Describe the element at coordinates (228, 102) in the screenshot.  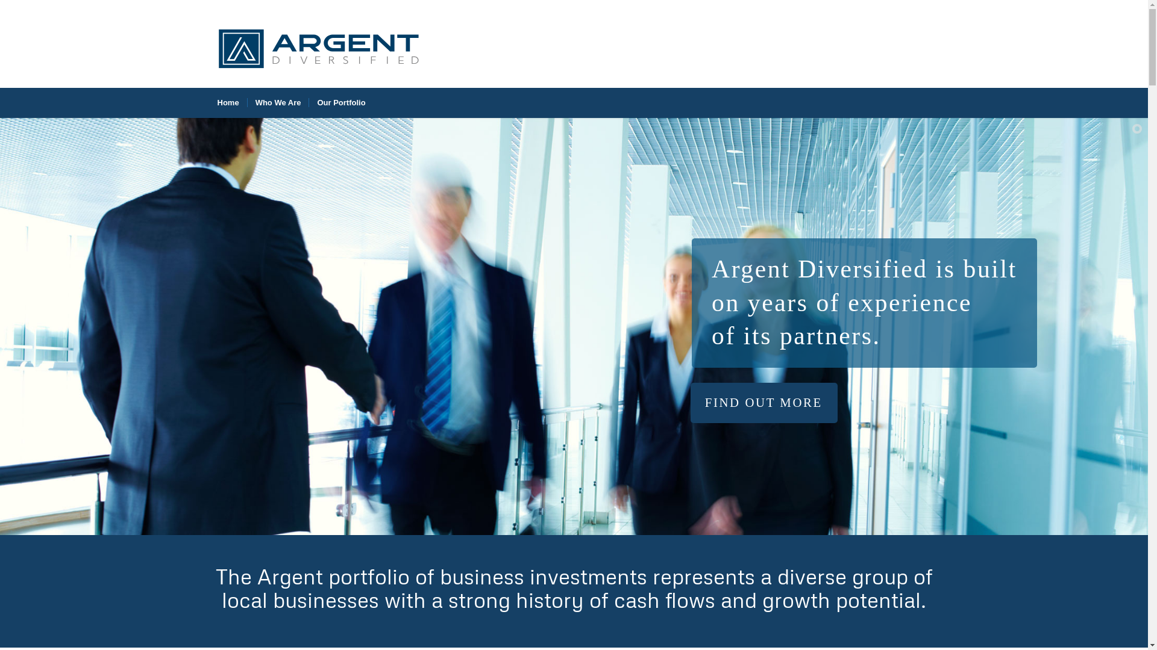
I see `'Home'` at that location.